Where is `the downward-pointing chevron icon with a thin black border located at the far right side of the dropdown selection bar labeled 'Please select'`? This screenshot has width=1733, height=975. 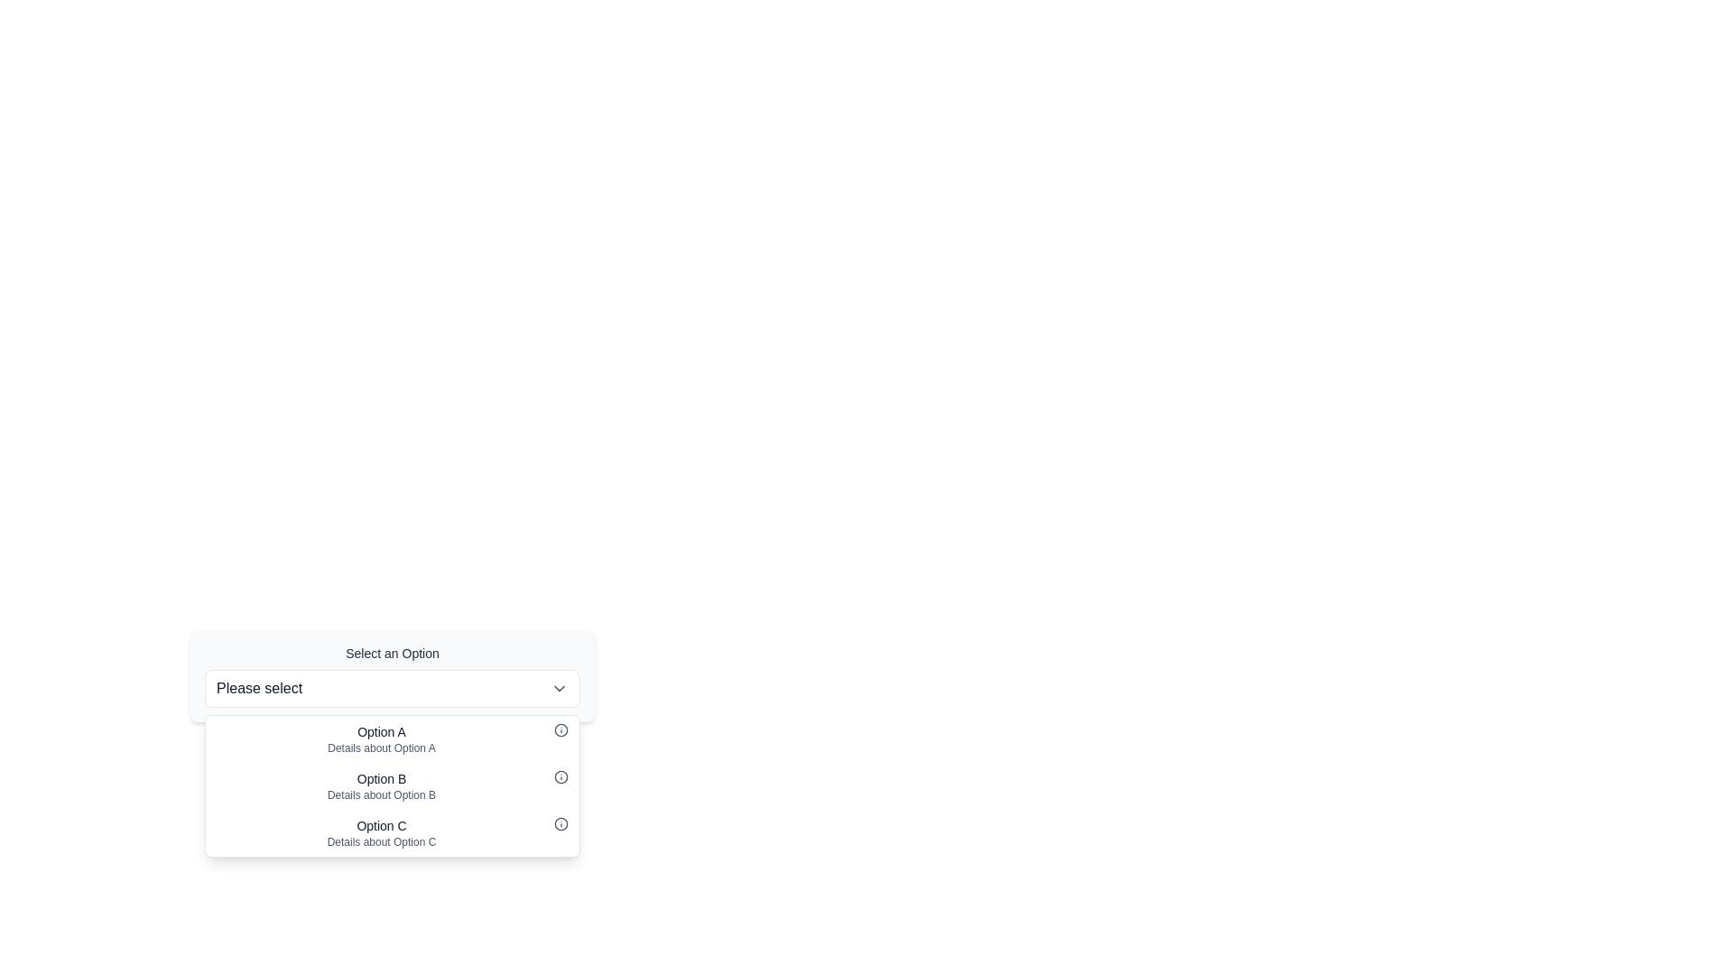 the downward-pointing chevron icon with a thin black border located at the far right side of the dropdown selection bar labeled 'Please select' is located at coordinates (558, 689).